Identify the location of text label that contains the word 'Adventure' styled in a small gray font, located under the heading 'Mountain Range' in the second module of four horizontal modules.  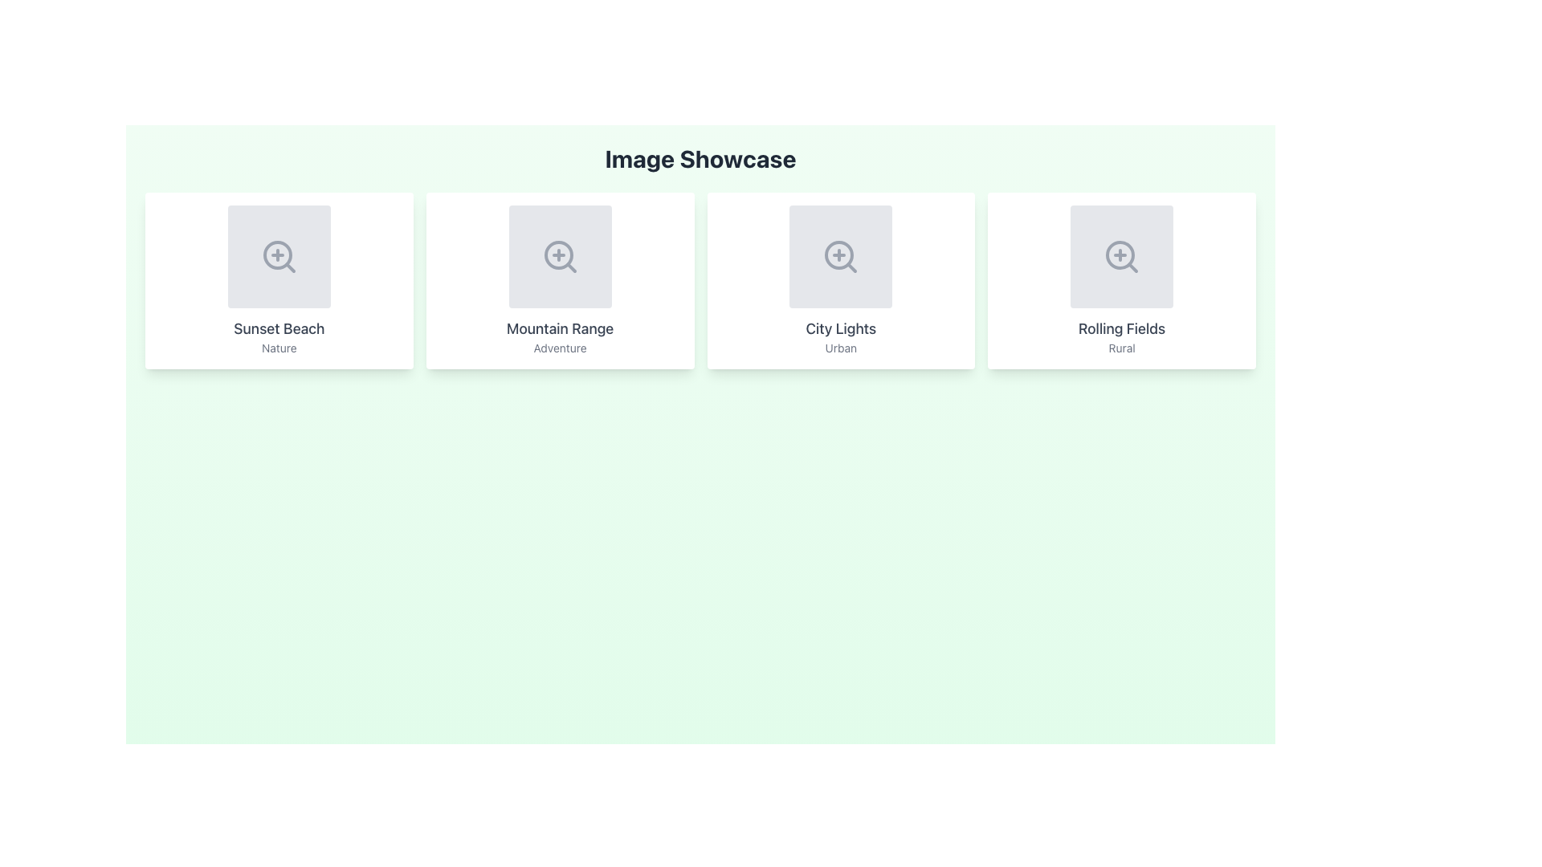
(560, 348).